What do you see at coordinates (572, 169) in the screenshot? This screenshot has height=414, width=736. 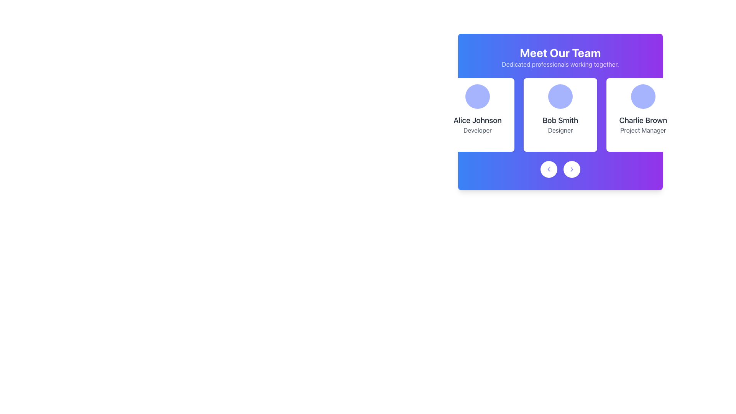 I see `the right-facing chevron arrow within the SVG, which is part of the second navigation button below the team profile cards` at bounding box center [572, 169].